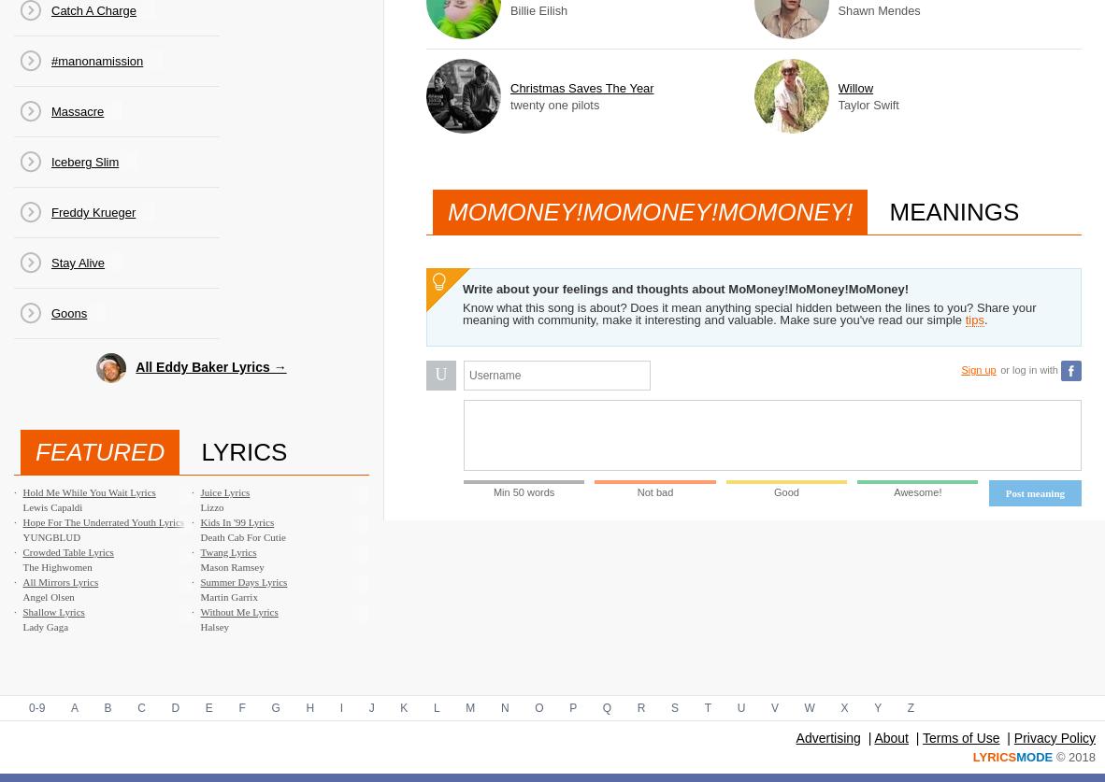 This screenshot has width=1105, height=782. I want to click on 'Summer Days Lyrics', so click(198, 581).